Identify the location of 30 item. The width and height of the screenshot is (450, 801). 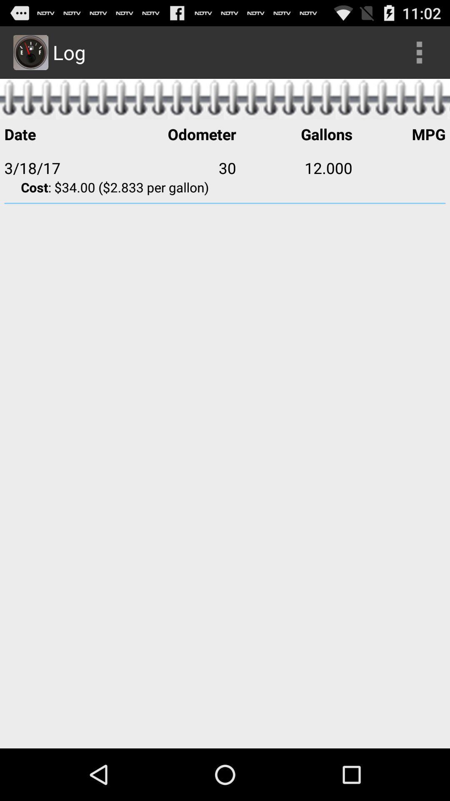
(177, 167).